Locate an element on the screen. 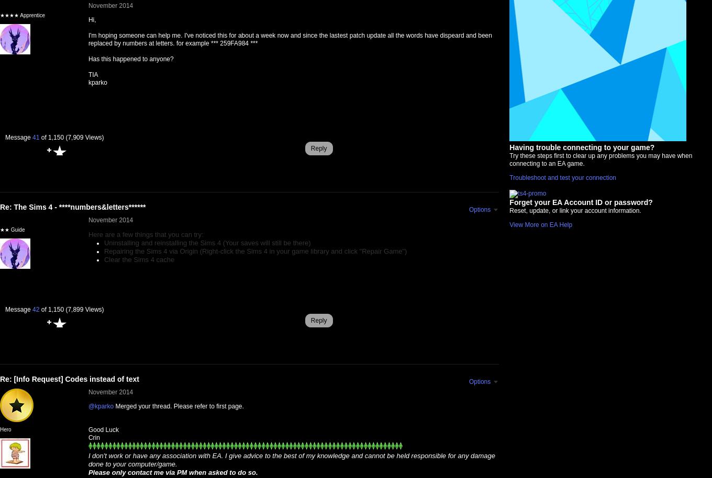  'Hero' is located at coordinates (5, 429).